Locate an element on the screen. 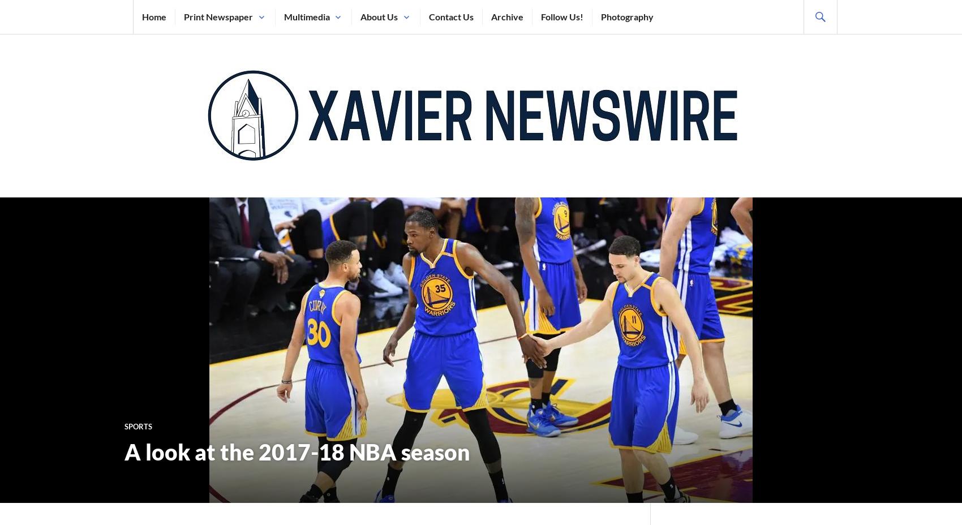  'Multimedia' is located at coordinates (283, 16).